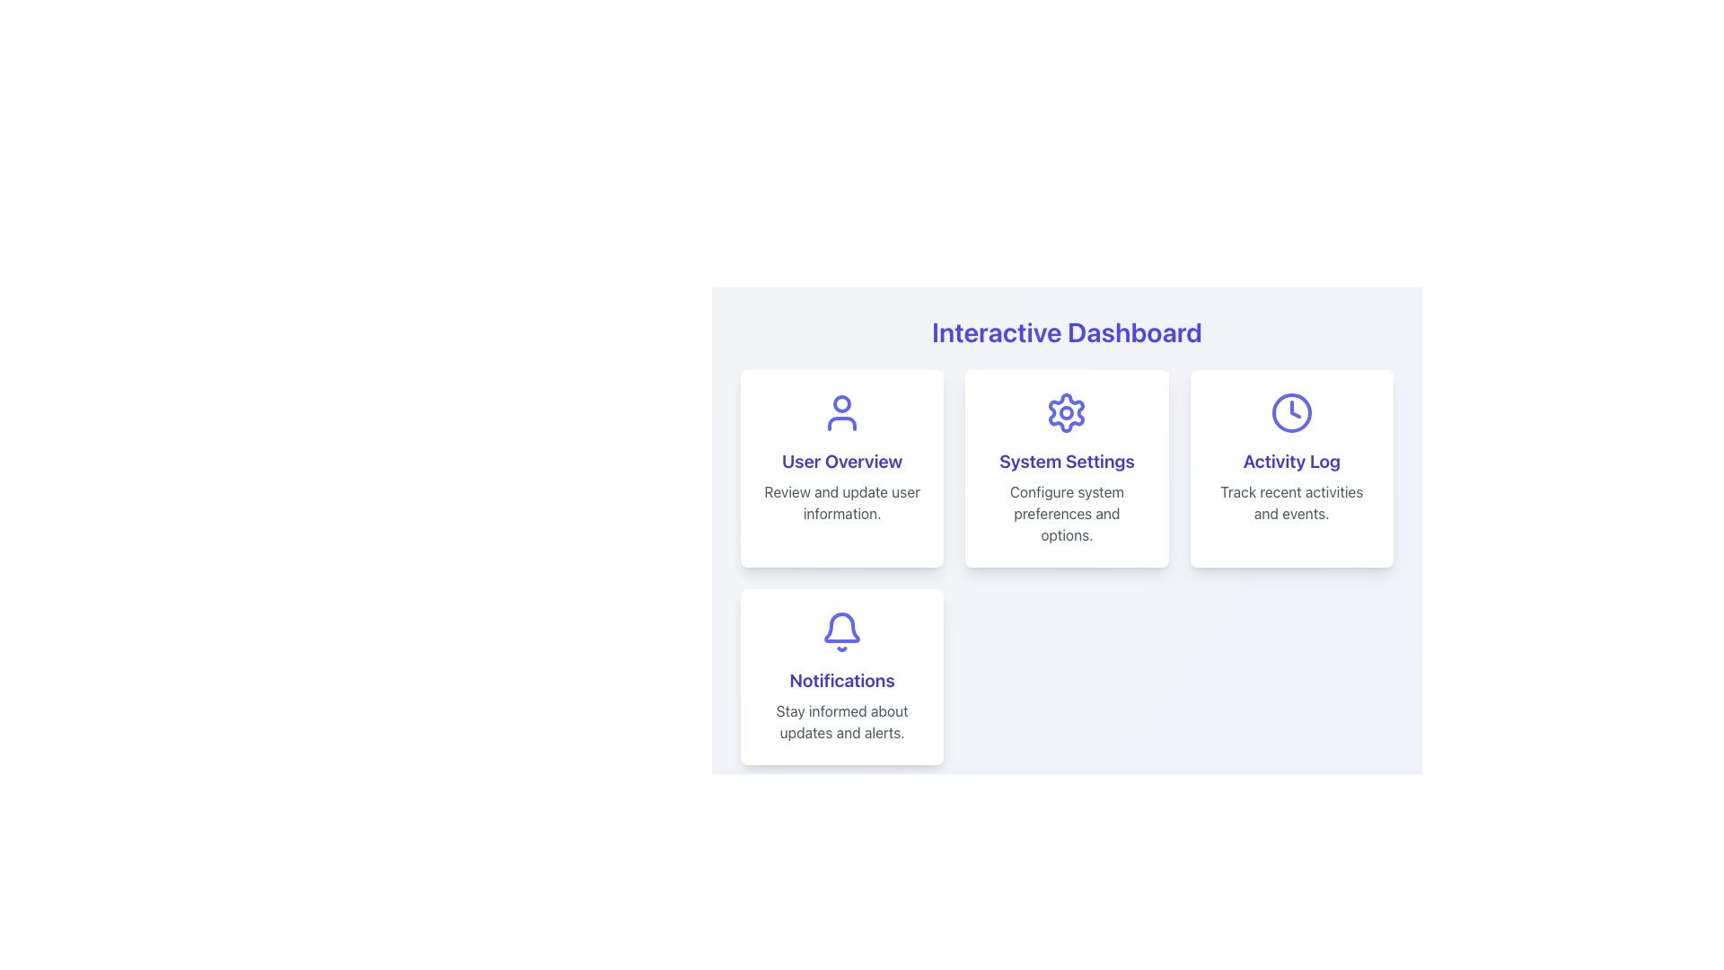  Describe the element at coordinates (841, 626) in the screenshot. I see `the bell-shaped notification icon with a blue outline located in the bottom-left section of the interface, below the 'Notifications' label` at that location.